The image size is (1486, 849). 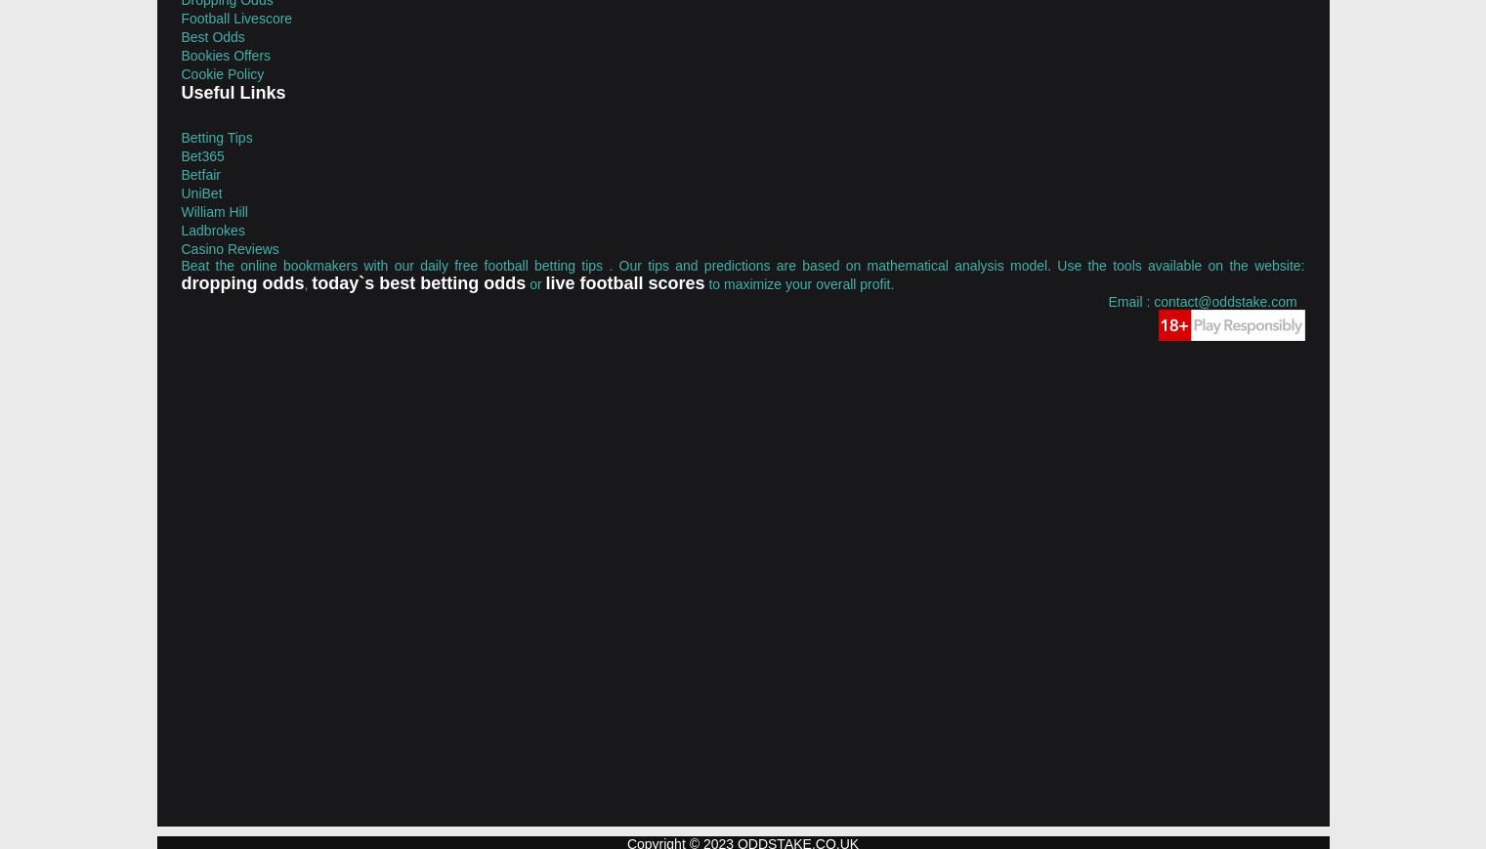 I want to click on 'Football Livescore', so click(x=234, y=16).